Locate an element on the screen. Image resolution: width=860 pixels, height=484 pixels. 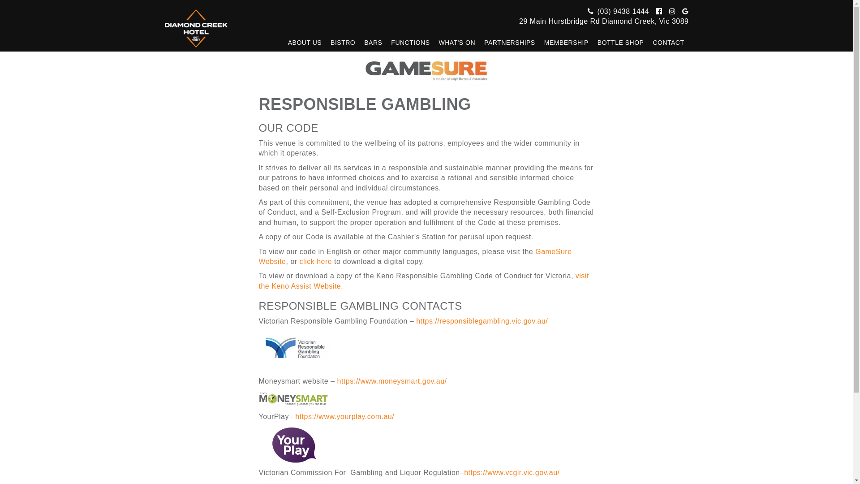
'(03) 9438 1444' is located at coordinates (617, 11).